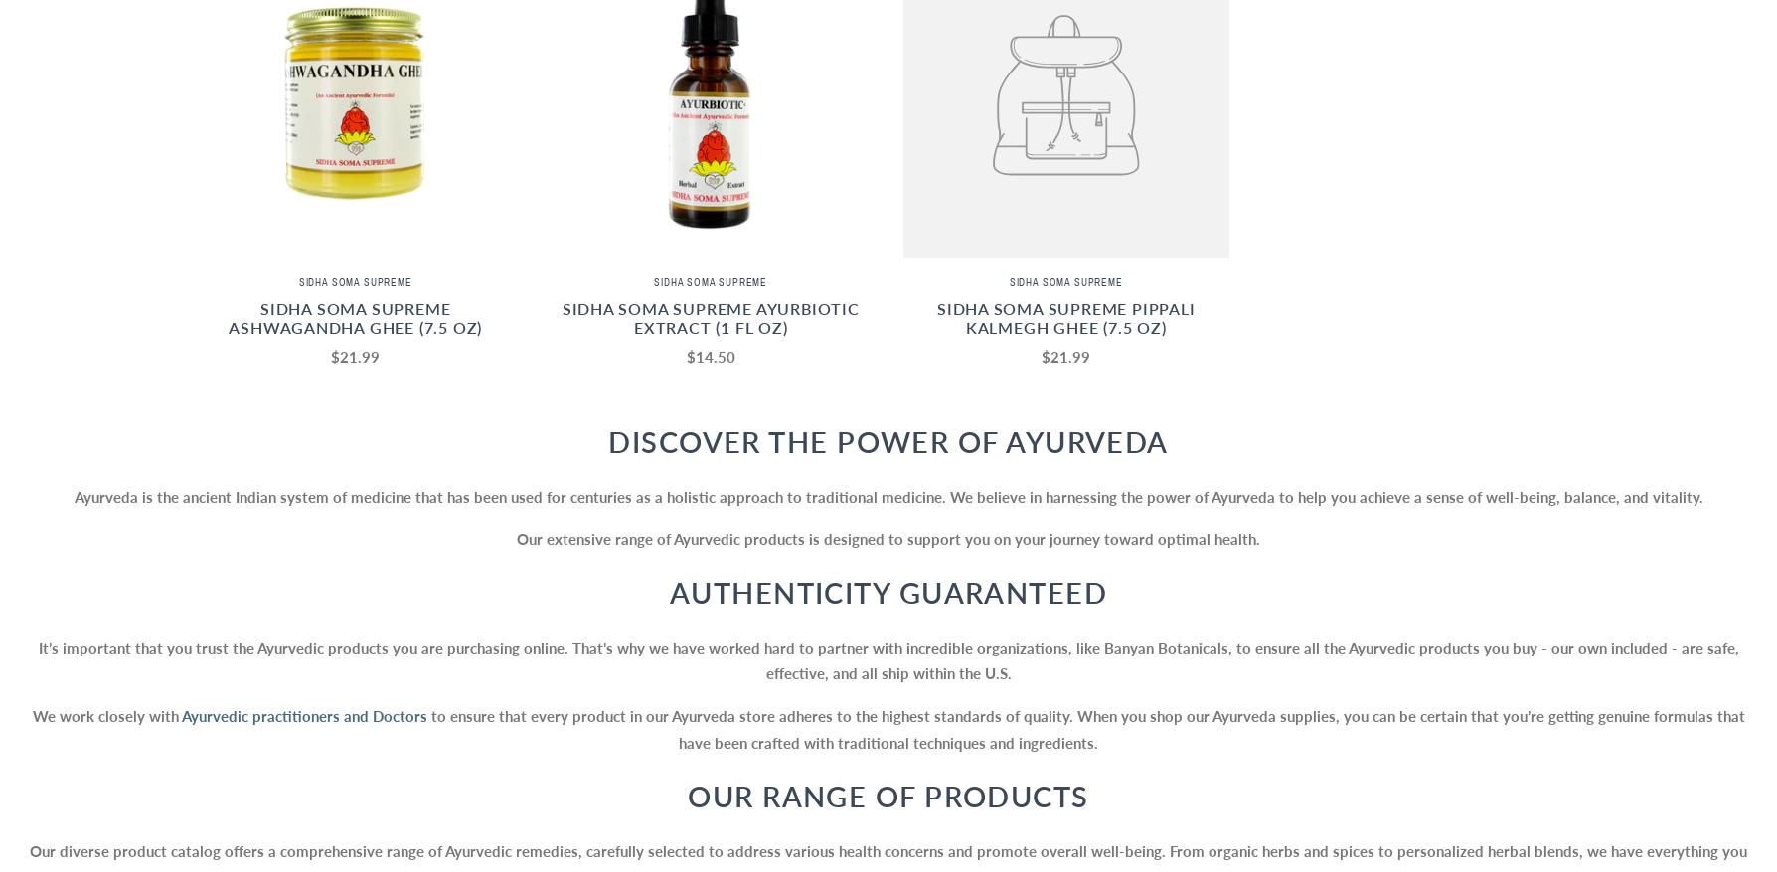  I want to click on '$14.50', so click(709, 354).